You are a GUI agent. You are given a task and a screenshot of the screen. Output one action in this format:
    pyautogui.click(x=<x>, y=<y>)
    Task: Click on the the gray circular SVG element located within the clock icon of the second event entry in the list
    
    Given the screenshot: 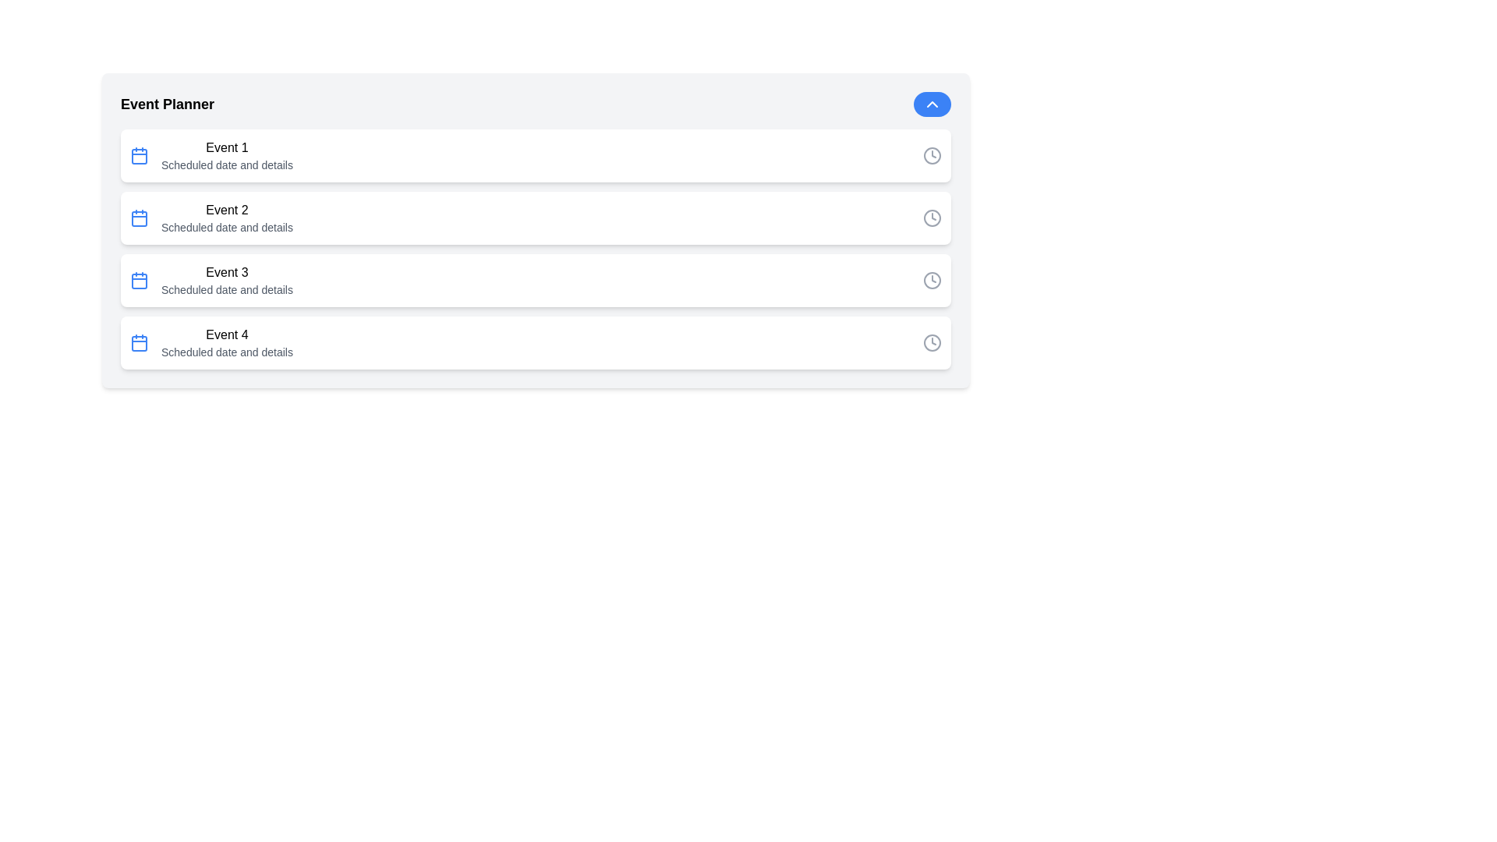 What is the action you would take?
    pyautogui.click(x=932, y=218)
    